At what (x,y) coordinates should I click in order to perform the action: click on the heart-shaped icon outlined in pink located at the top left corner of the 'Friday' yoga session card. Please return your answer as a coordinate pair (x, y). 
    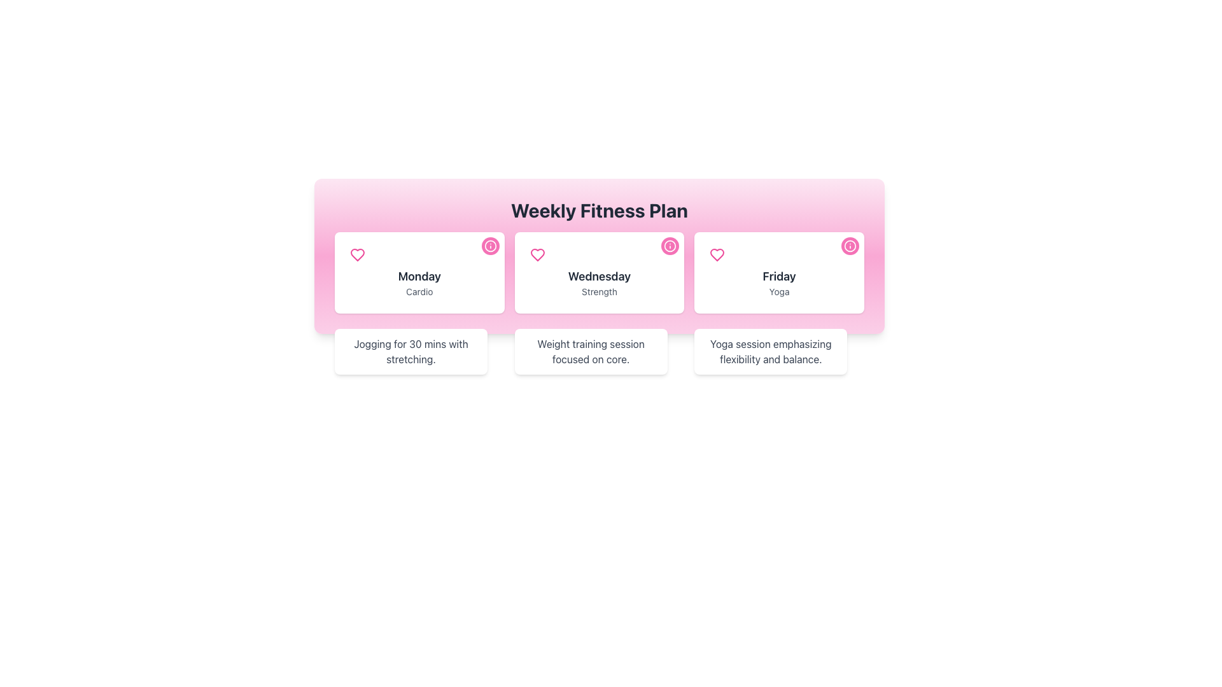
    Looking at the image, I should click on (717, 255).